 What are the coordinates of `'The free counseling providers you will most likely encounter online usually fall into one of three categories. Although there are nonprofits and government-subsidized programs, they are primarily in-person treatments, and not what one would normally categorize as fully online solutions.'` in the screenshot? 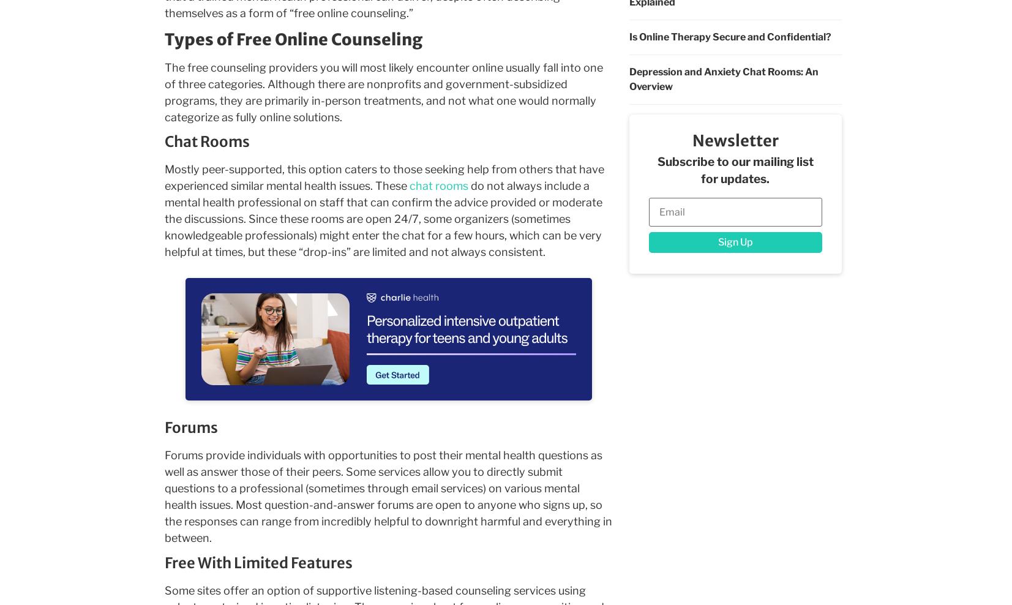 It's located at (382, 91).